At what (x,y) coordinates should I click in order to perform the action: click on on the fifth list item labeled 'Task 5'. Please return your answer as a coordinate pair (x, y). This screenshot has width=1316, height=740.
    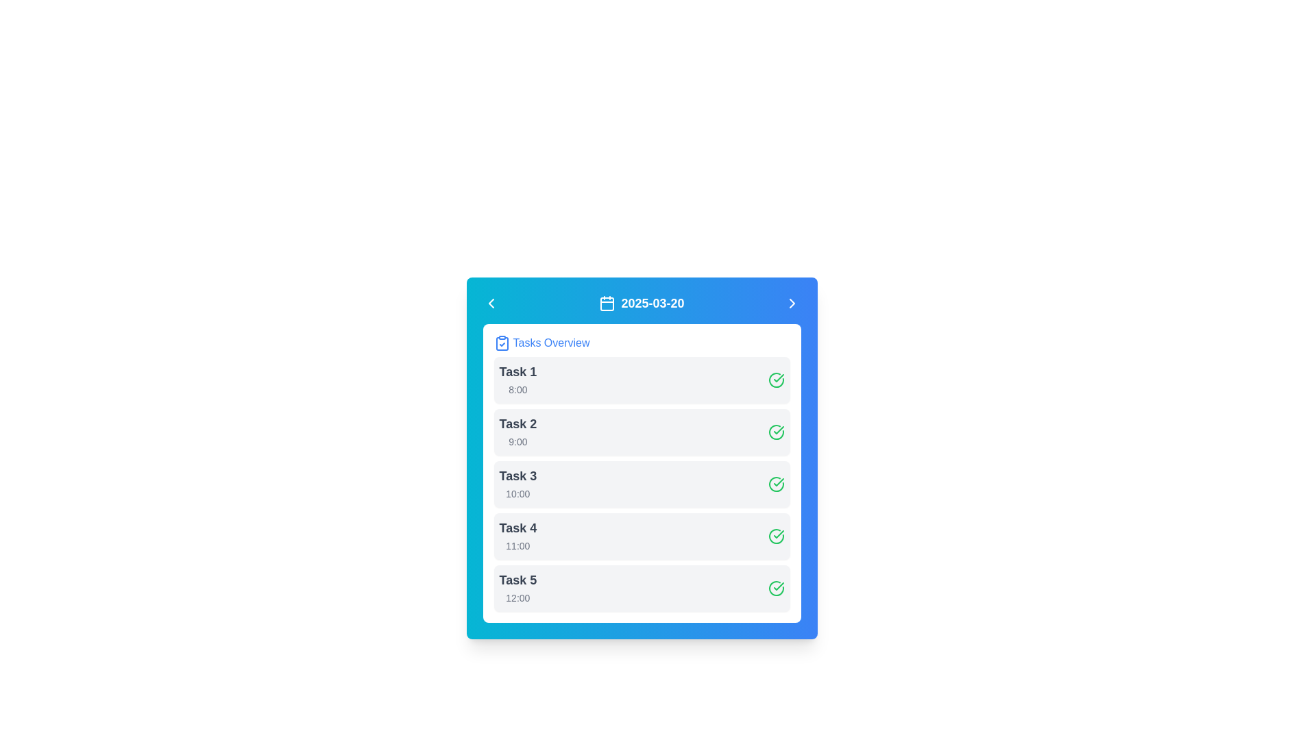
    Looking at the image, I should click on (641, 588).